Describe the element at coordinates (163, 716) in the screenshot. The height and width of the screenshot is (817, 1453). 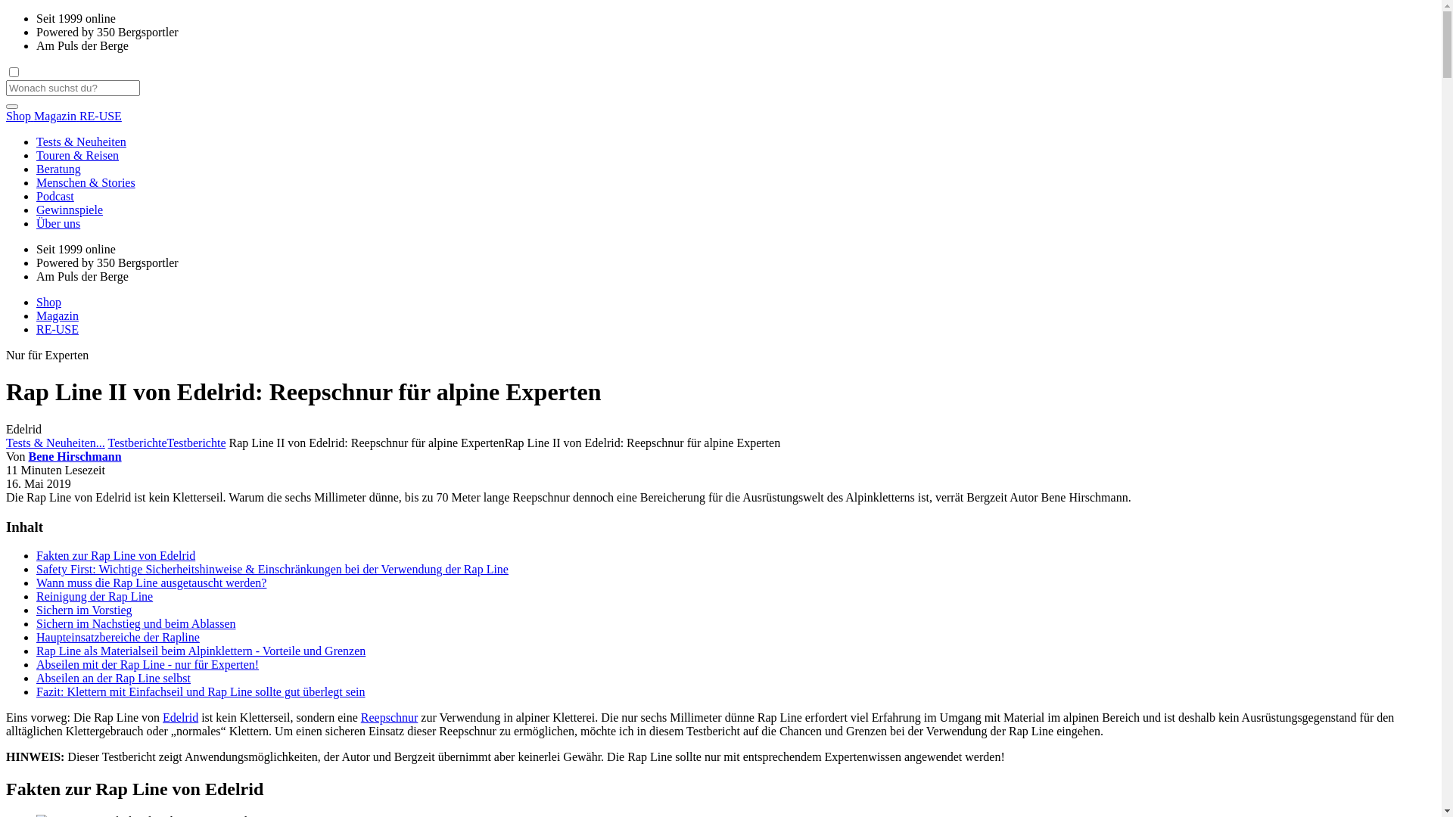
I see `'Edelrid'` at that location.